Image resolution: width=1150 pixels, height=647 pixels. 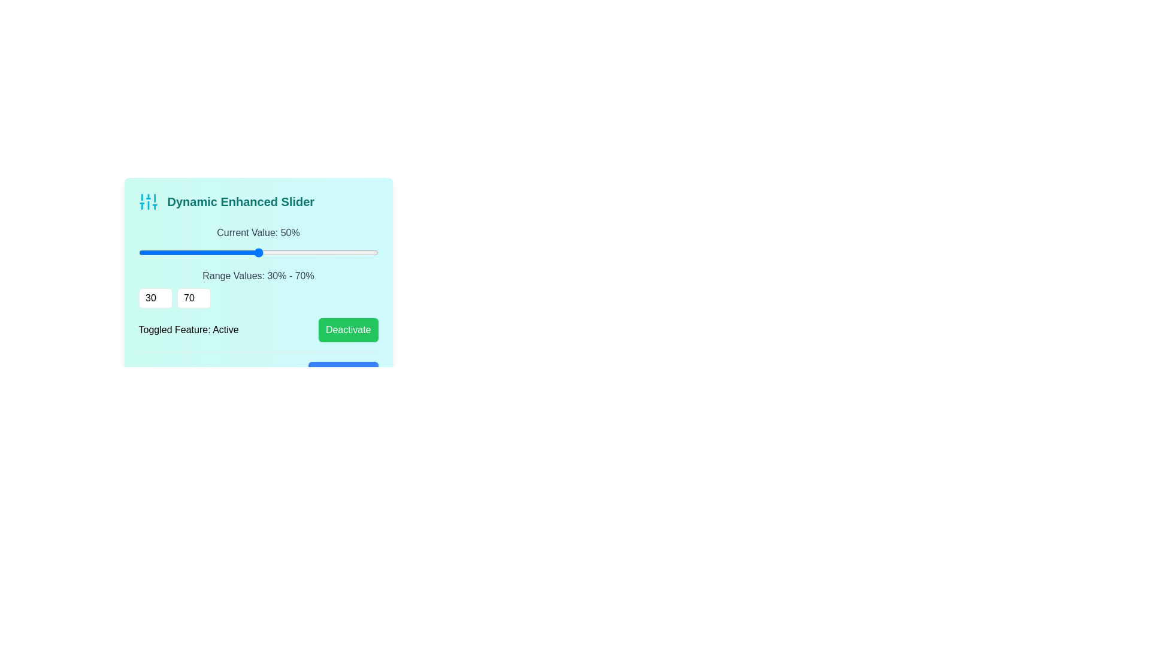 What do you see at coordinates (294, 252) in the screenshot?
I see `the slider` at bounding box center [294, 252].